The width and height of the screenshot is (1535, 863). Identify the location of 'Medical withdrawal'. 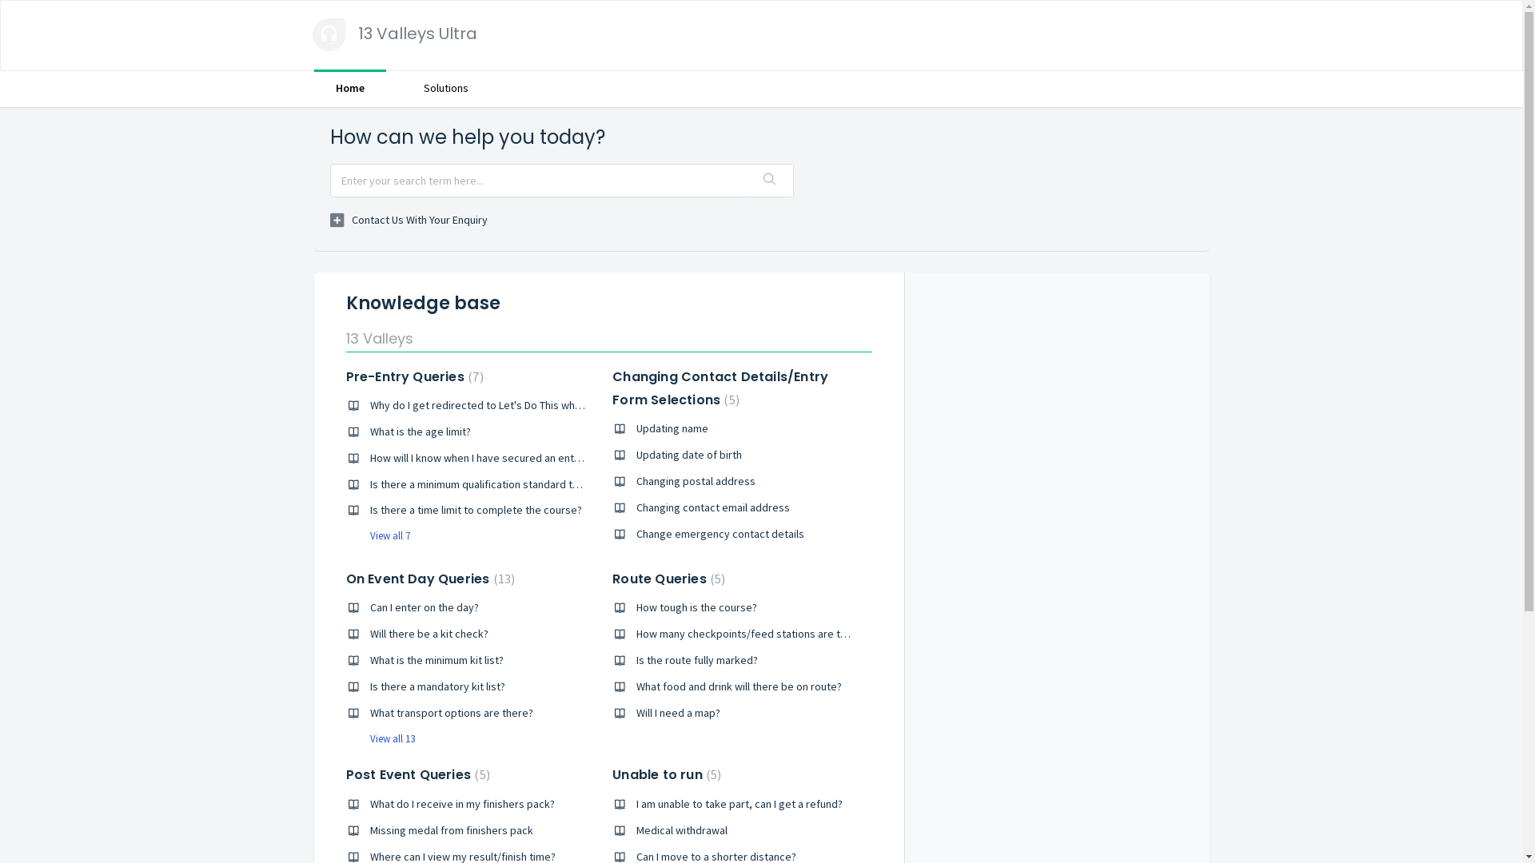
(682, 829).